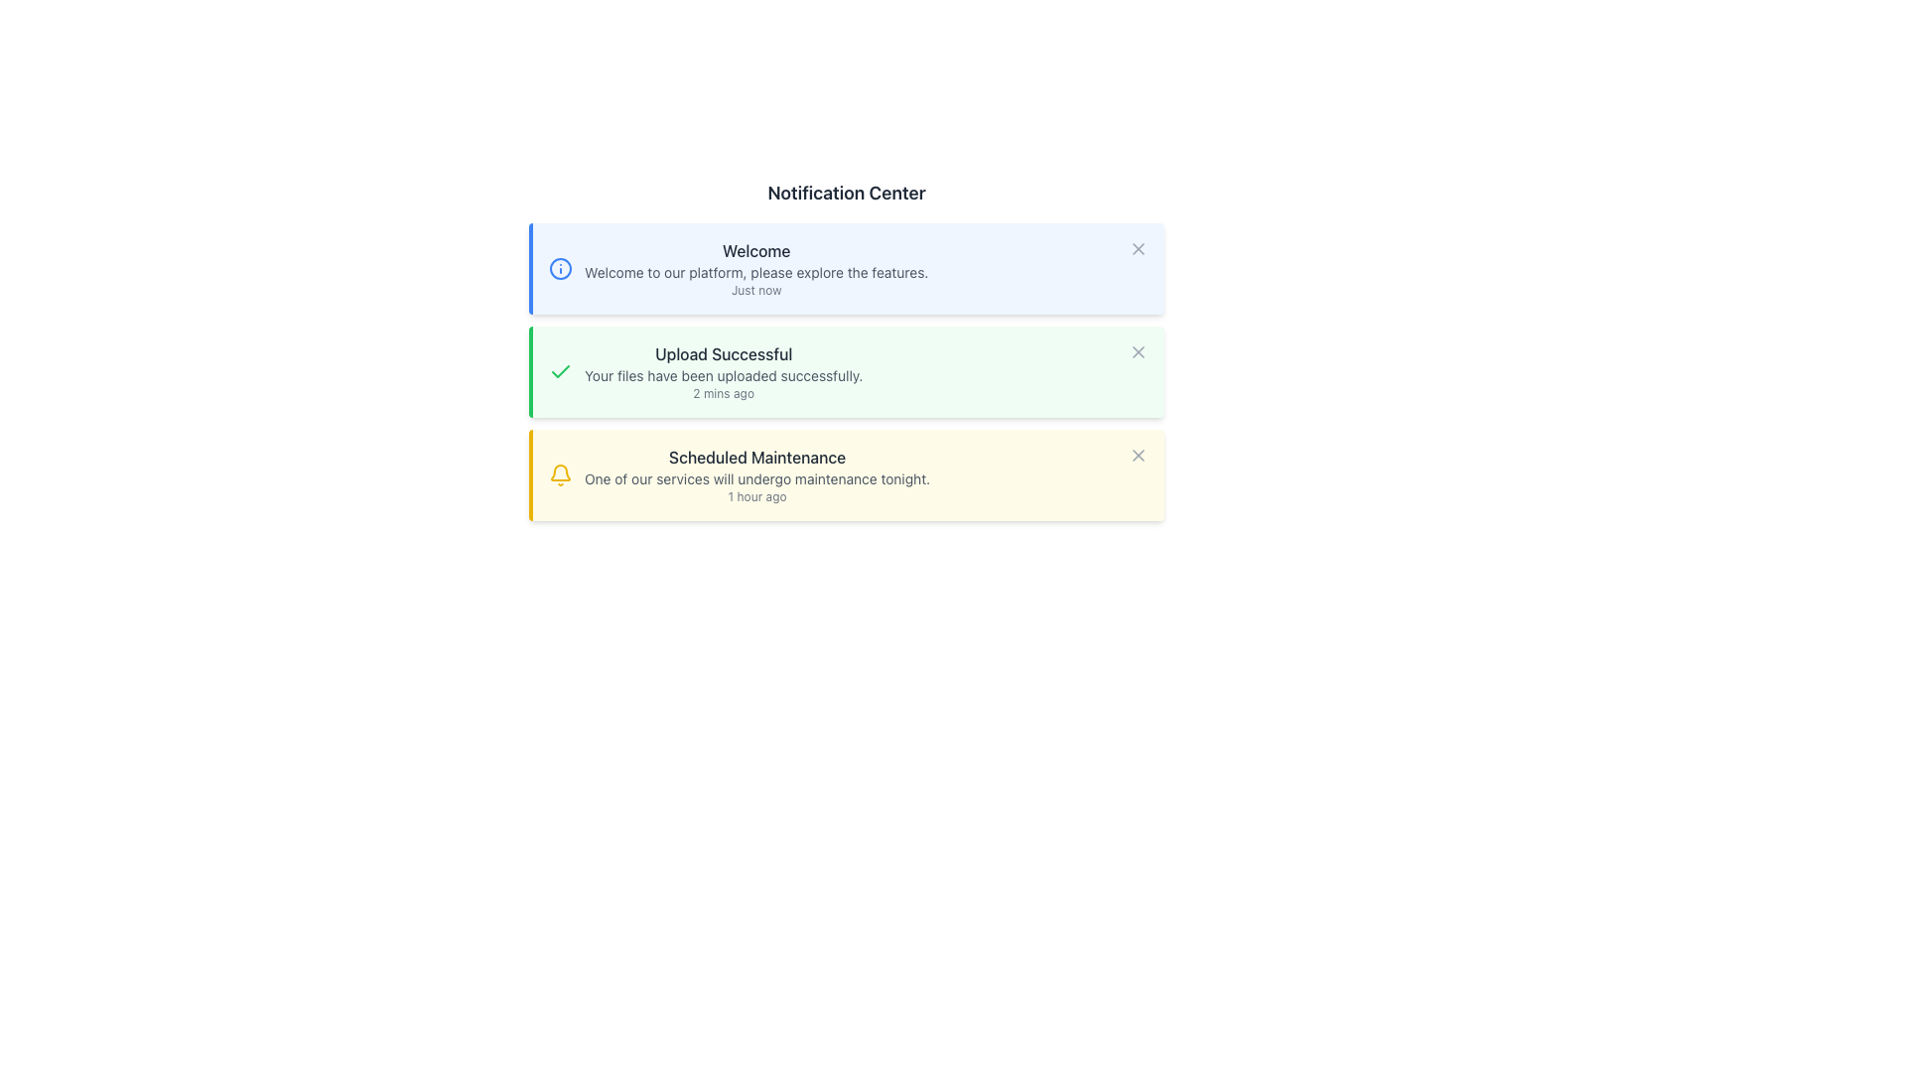 The width and height of the screenshot is (1906, 1072). I want to click on the yellow bell icon indicating notifications, which is located at the top-left corner of the 'Scheduled Maintenance' notification card, so click(560, 474).